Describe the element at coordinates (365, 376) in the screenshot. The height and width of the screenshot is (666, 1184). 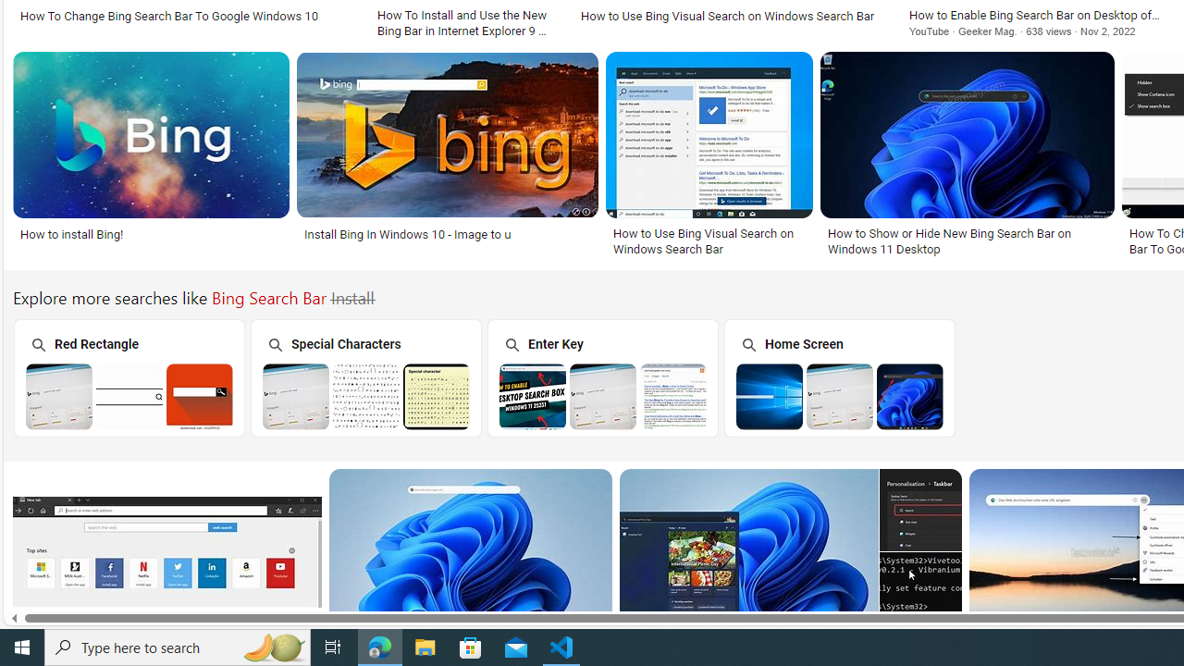
I see `'Bing Search Bar Special Characters Special Characters'` at that location.